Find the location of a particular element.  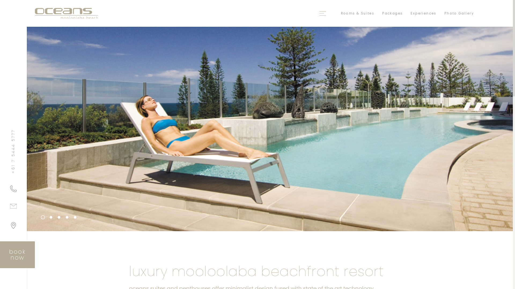

'4' is located at coordinates (67, 217).